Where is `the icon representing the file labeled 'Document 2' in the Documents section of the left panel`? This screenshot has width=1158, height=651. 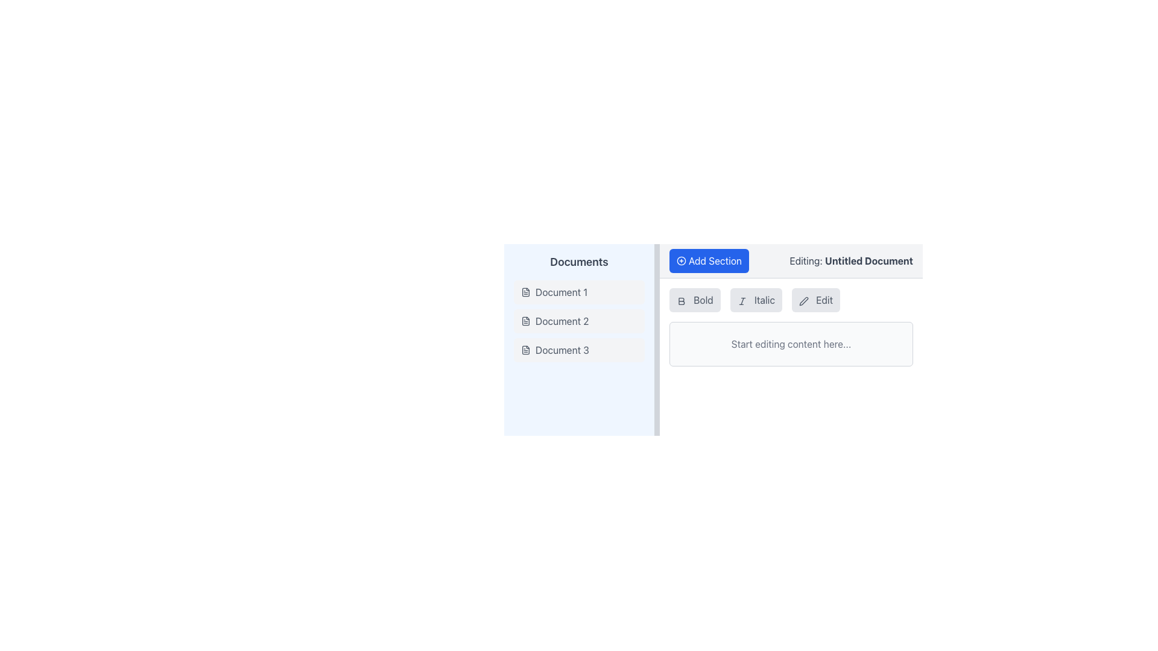 the icon representing the file labeled 'Document 2' in the Documents section of the left panel is located at coordinates (526, 320).